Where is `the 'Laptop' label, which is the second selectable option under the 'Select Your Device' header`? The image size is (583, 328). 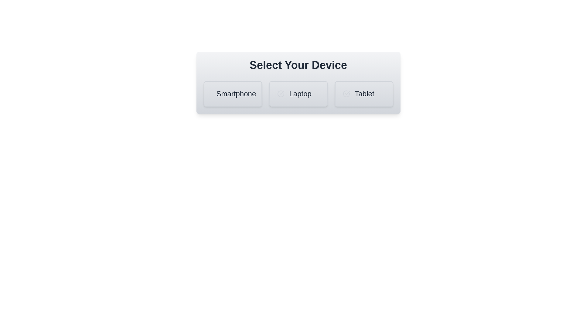 the 'Laptop' label, which is the second selectable option under the 'Select Your Device' header is located at coordinates (300, 94).